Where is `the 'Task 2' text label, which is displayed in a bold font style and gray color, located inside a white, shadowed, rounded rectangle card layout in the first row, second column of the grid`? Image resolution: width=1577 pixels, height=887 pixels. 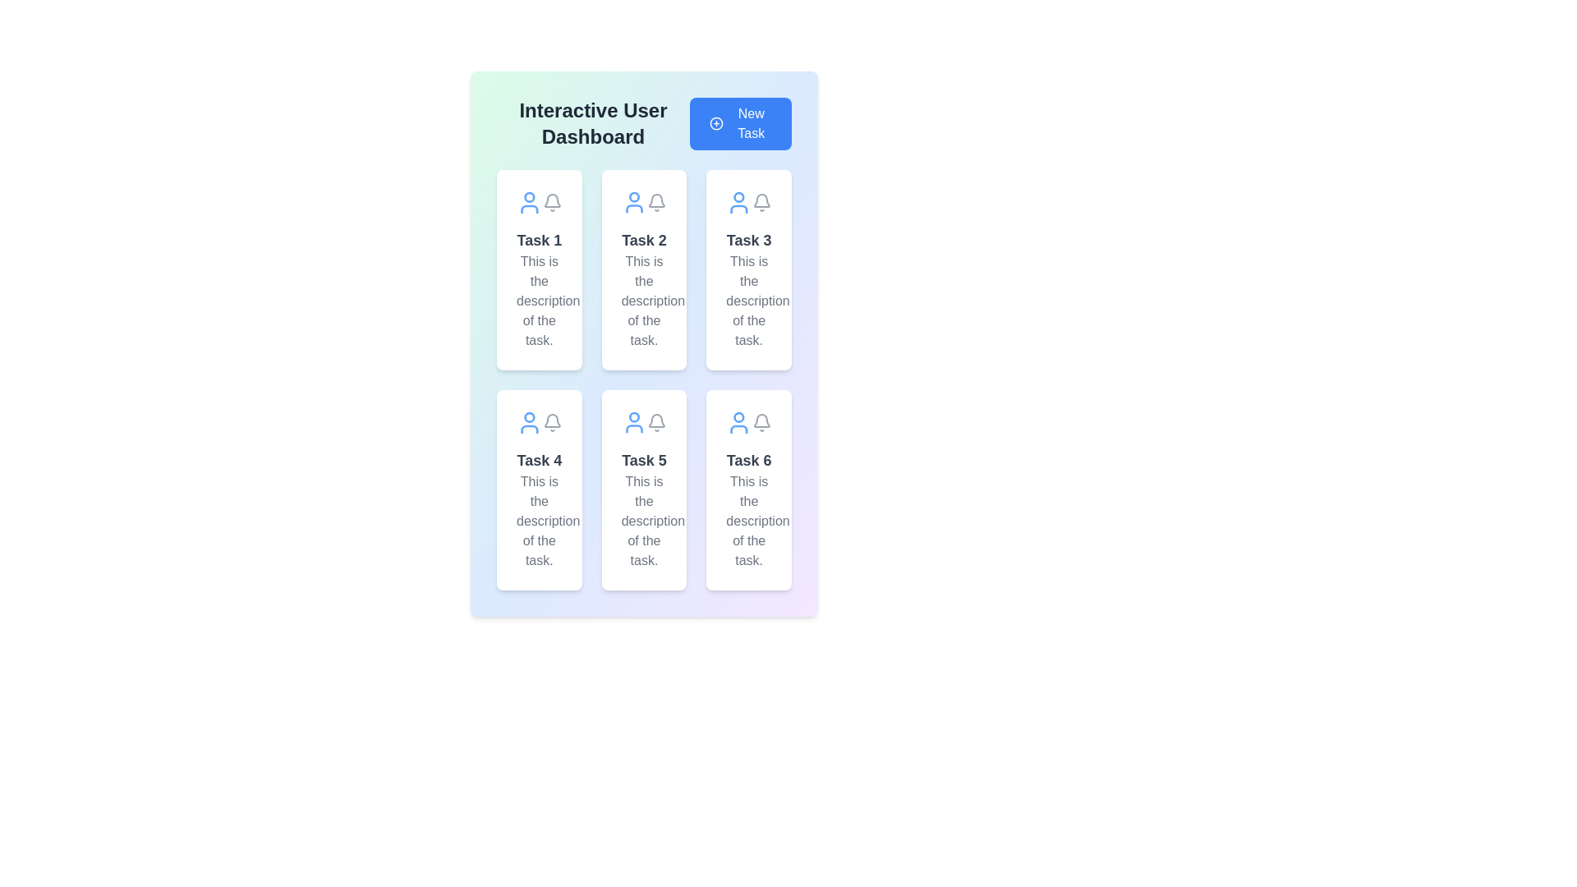 the 'Task 2' text label, which is displayed in a bold font style and gray color, located inside a white, shadowed, rounded rectangle card layout in the first row, second column of the grid is located at coordinates (643, 241).